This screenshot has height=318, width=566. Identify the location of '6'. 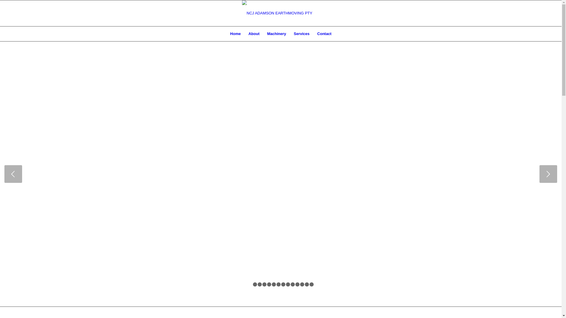
(274, 284).